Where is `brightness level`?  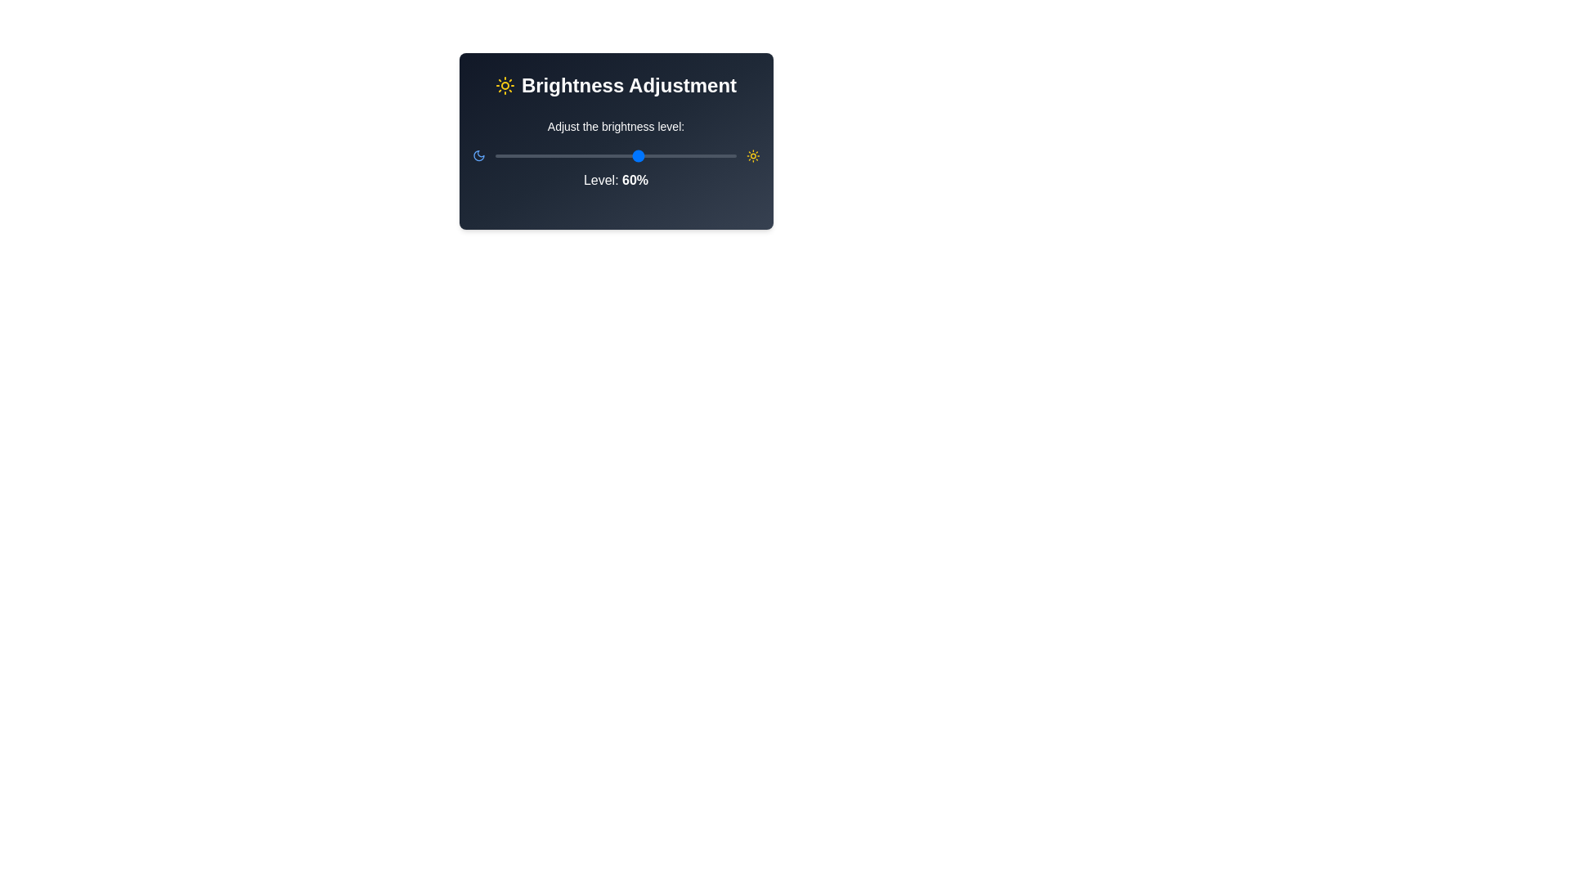 brightness level is located at coordinates (550, 156).